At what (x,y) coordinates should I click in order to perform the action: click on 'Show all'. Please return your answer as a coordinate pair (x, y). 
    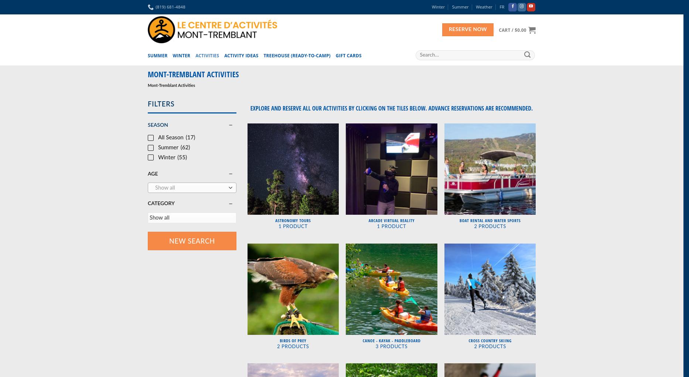
    Looking at the image, I should click on (164, 188).